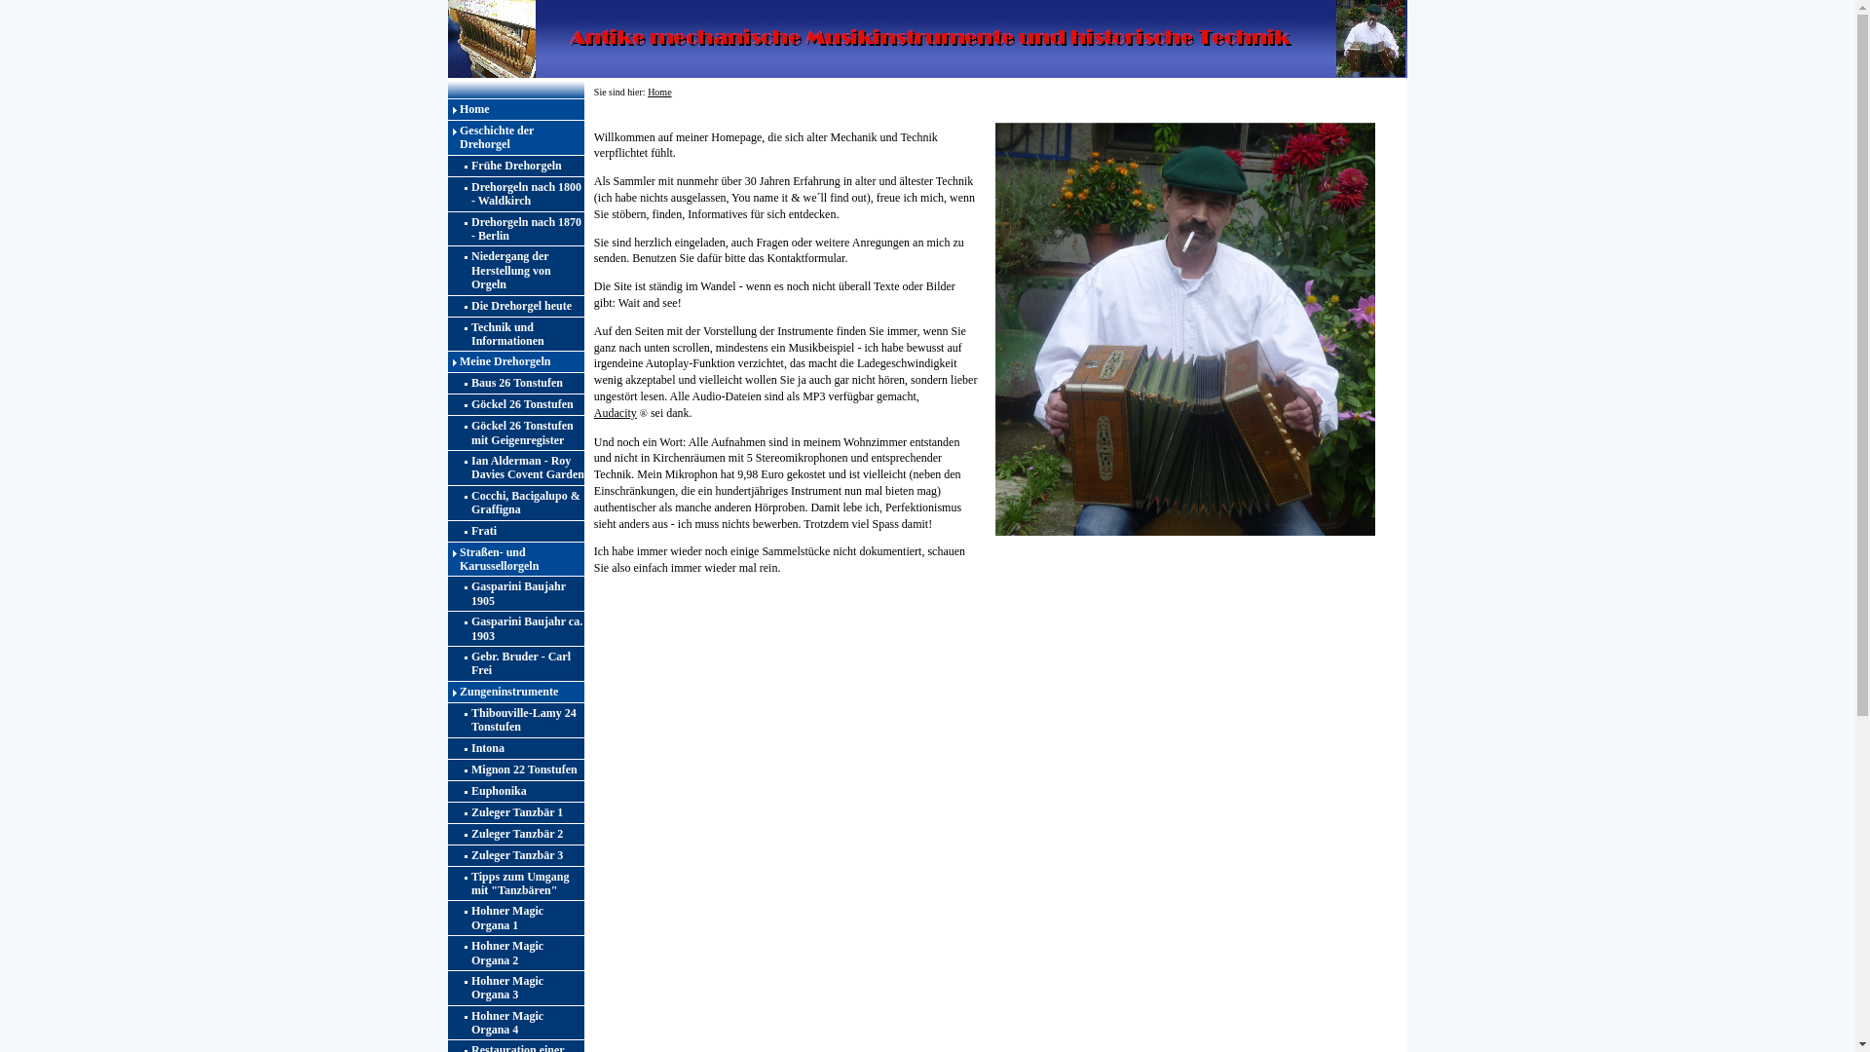 The width and height of the screenshot is (1870, 1052). I want to click on 'Drehorgeln nach 1870 - Berlin', so click(515, 228).